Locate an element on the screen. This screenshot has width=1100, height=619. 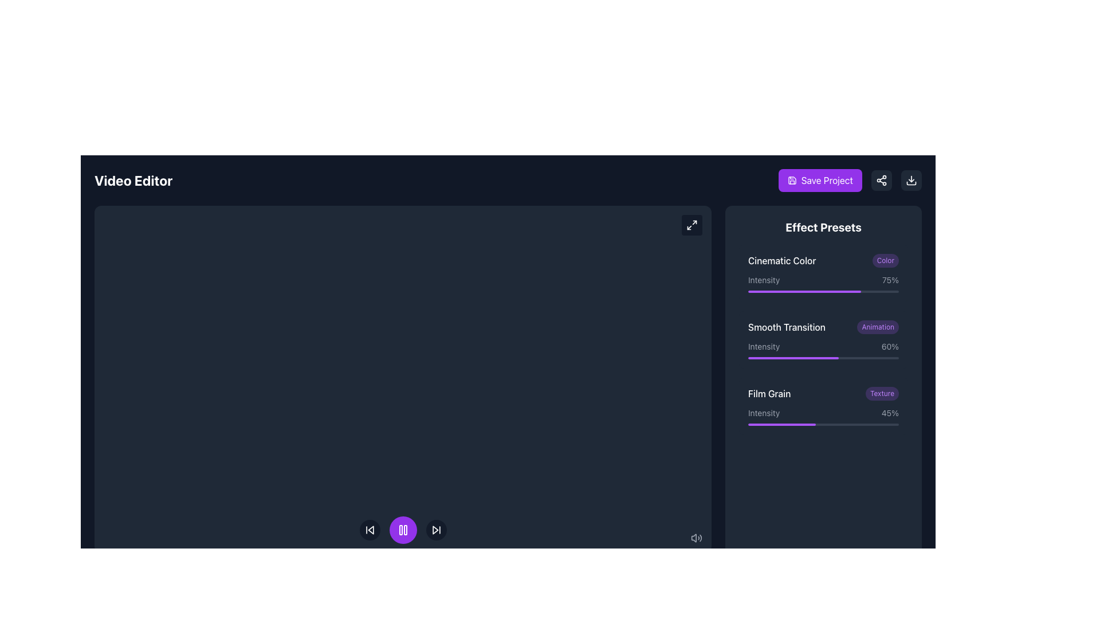
the 'Smooth Transition' effect card located in the 'Effect Presets' section of the UI, which is the second card below 'Cinematic Color' and above 'Film Grain' is located at coordinates (823, 339).